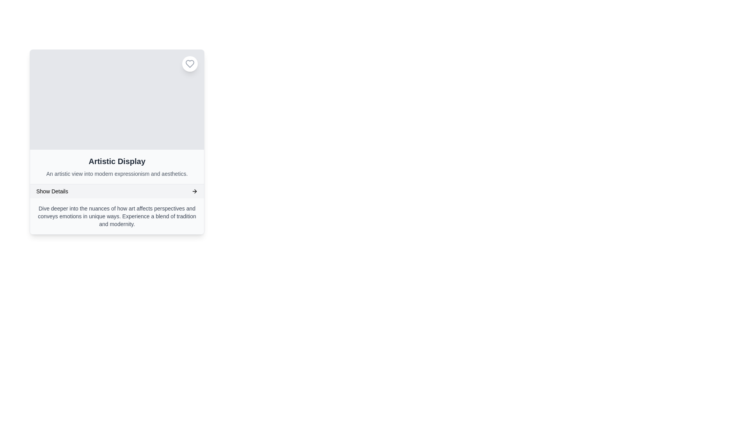 Image resolution: width=749 pixels, height=421 pixels. What do you see at coordinates (190, 64) in the screenshot?
I see `the heart icon in the top-right corner of the card component` at bounding box center [190, 64].